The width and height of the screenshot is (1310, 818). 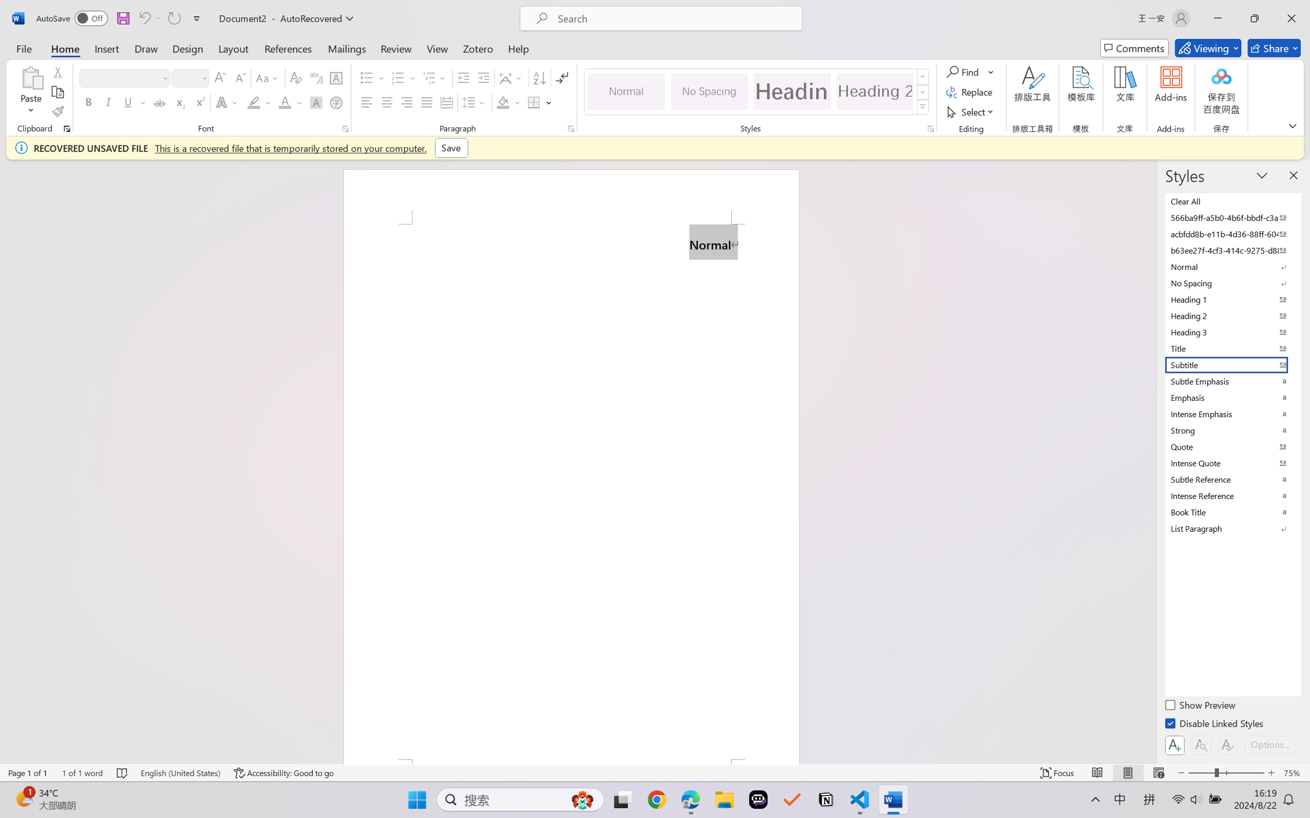 What do you see at coordinates (315, 102) in the screenshot?
I see `'Character Shading'` at bounding box center [315, 102].